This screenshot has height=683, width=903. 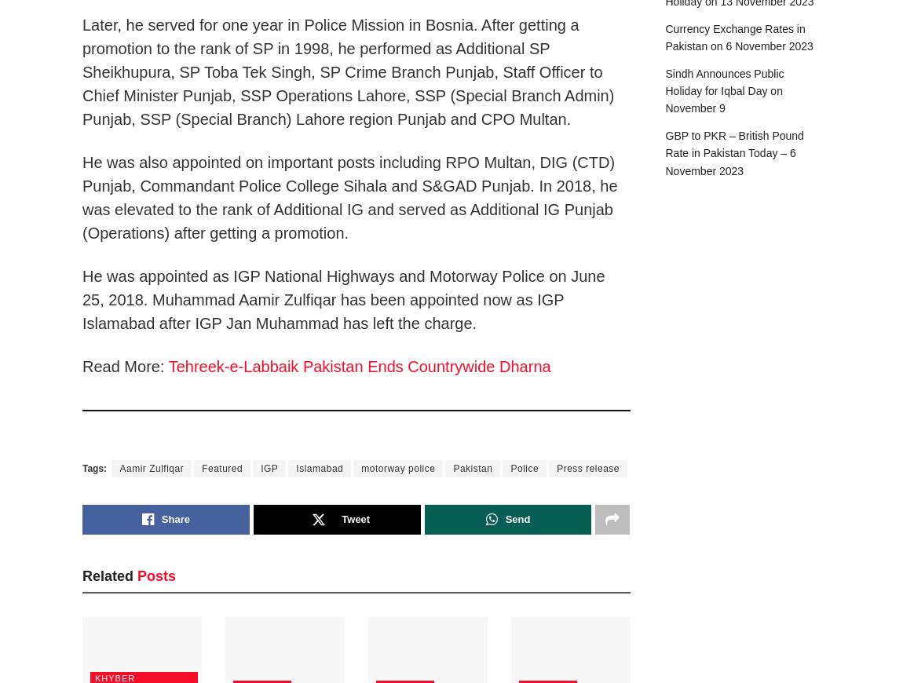 What do you see at coordinates (107, 575) in the screenshot?
I see `'Related'` at bounding box center [107, 575].